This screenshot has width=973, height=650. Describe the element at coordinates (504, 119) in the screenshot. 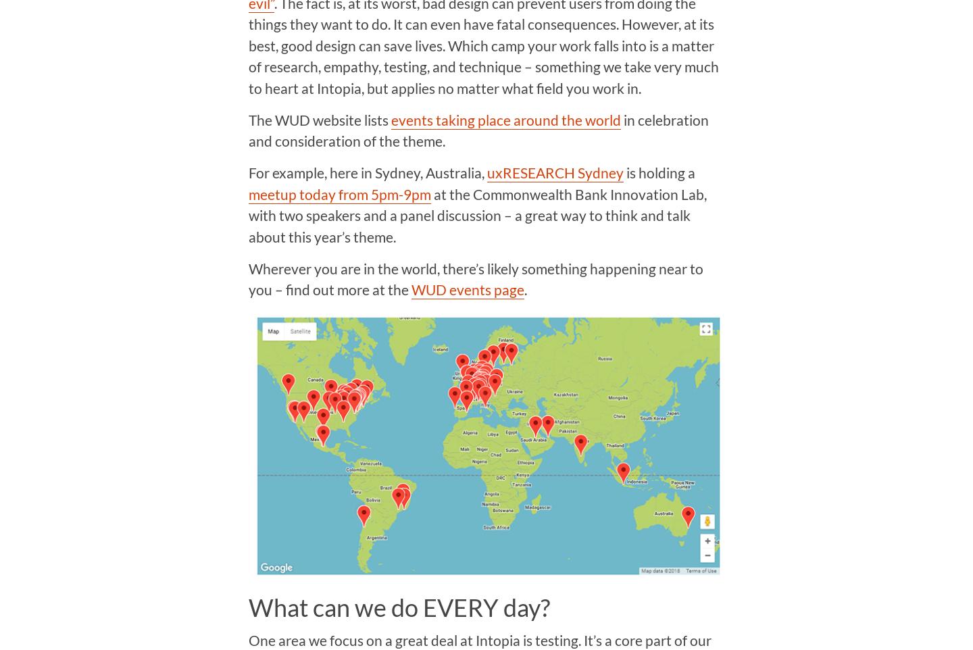

I see `'events taking place around the world'` at that location.